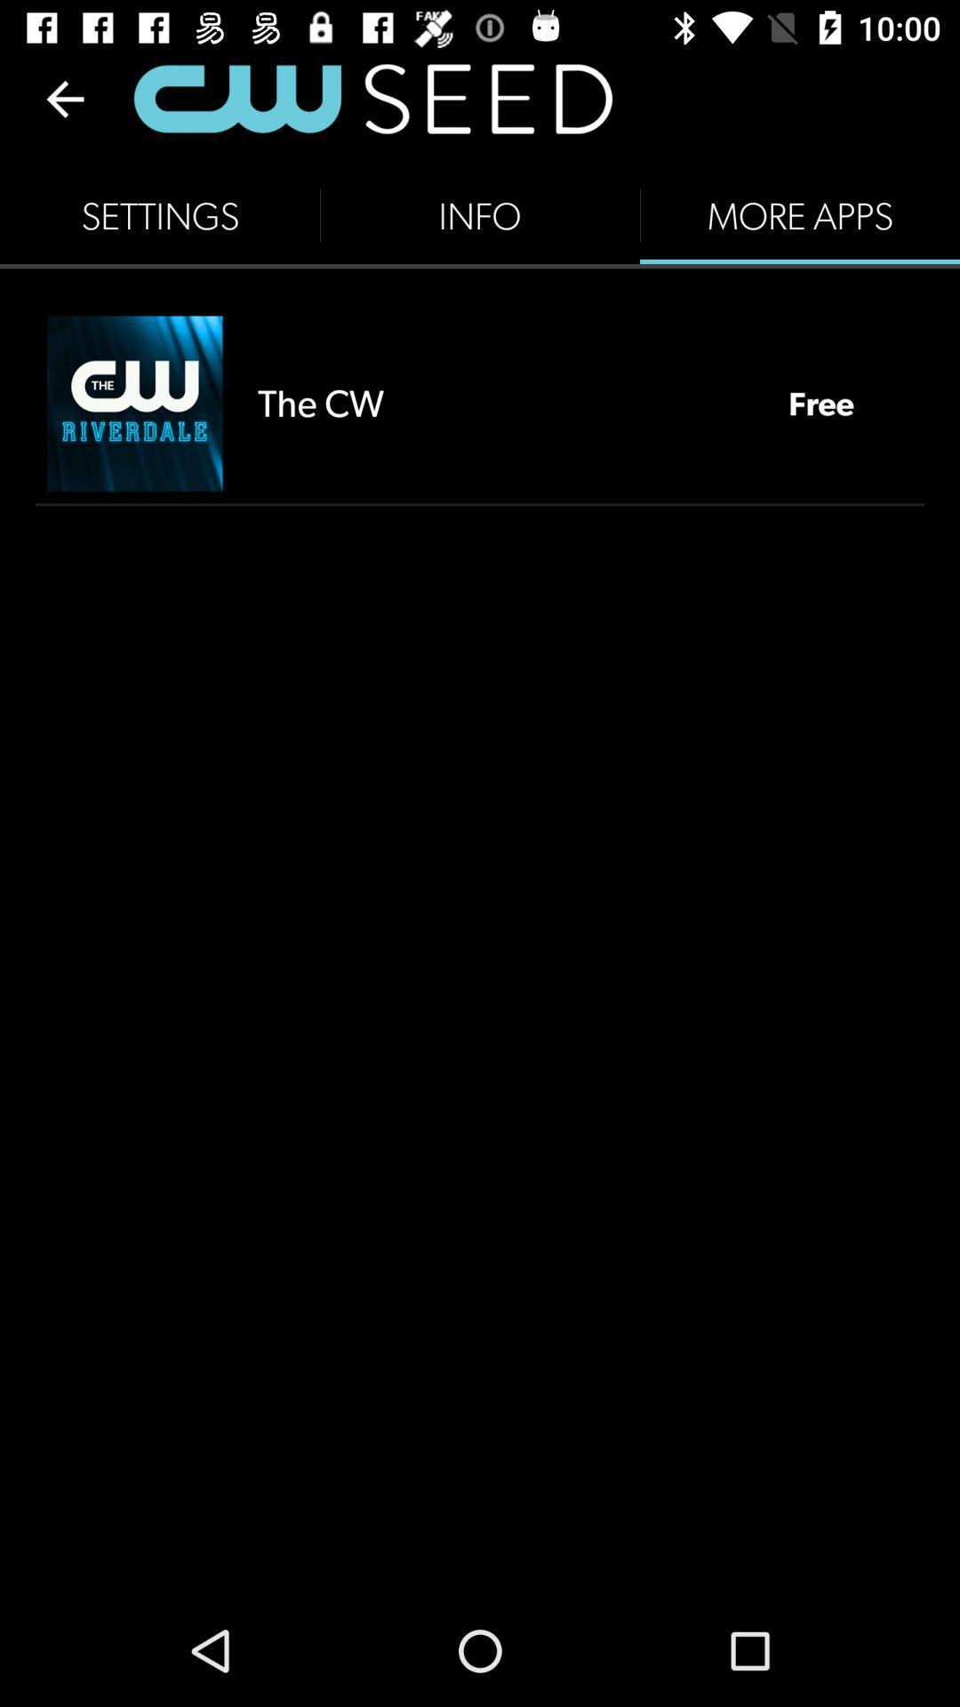 This screenshot has height=1707, width=960. I want to click on the cw, so click(505, 402).